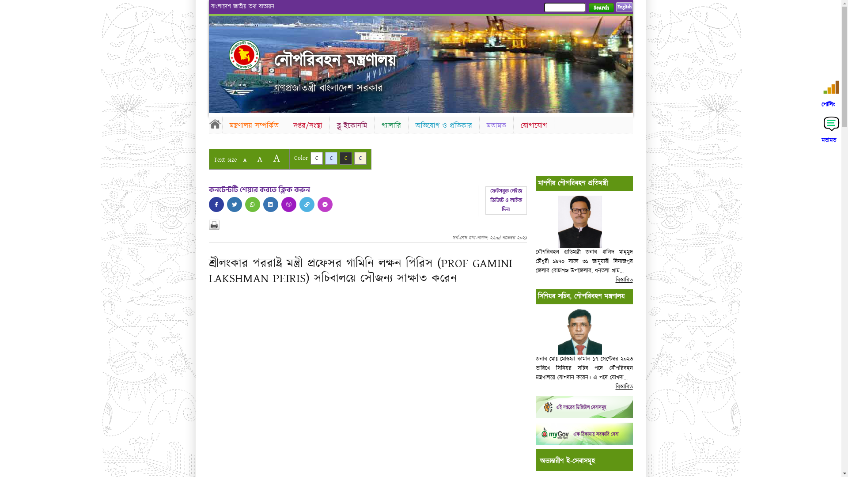 The width and height of the screenshot is (848, 477). Describe the element at coordinates (276, 158) in the screenshot. I see `'A'` at that location.